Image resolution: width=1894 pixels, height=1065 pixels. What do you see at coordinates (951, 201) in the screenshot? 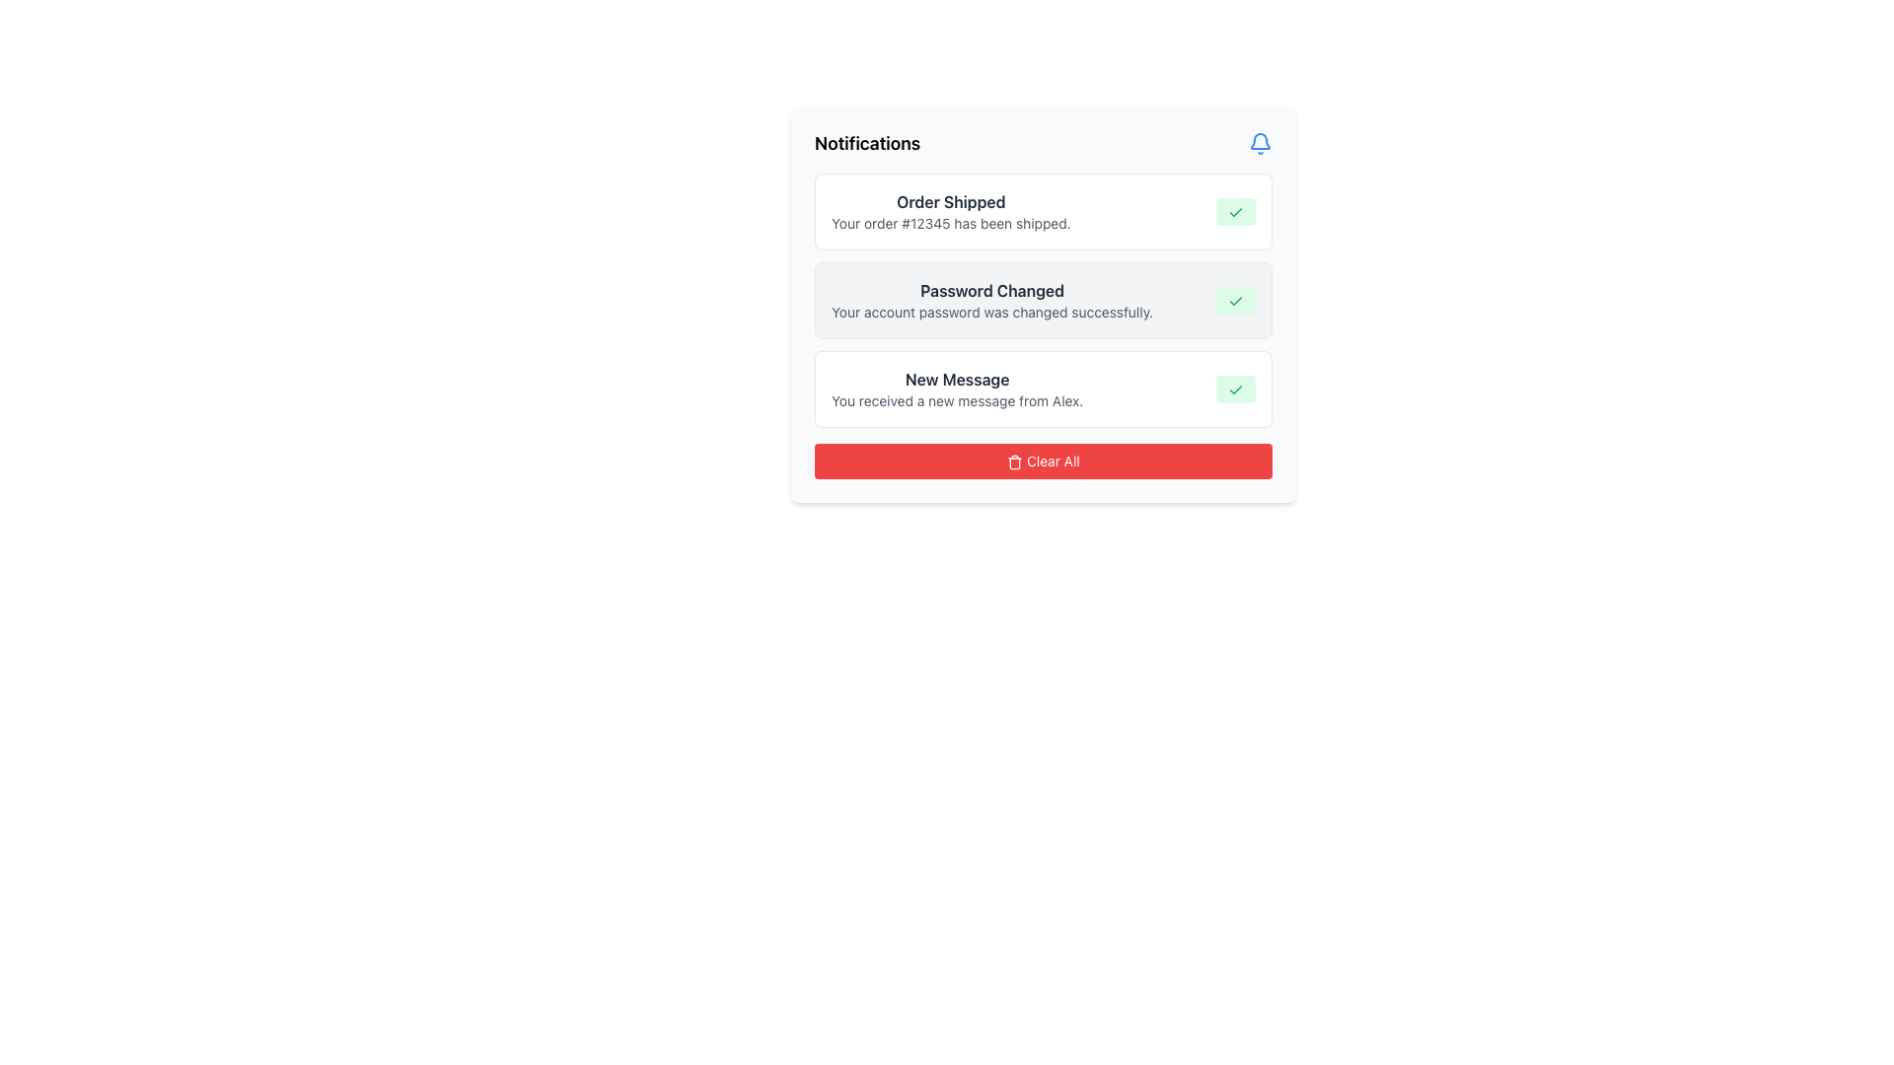
I see `text 'Order Shipped' which is styled in bold and dark gray, located at the top of the first notification card` at bounding box center [951, 201].